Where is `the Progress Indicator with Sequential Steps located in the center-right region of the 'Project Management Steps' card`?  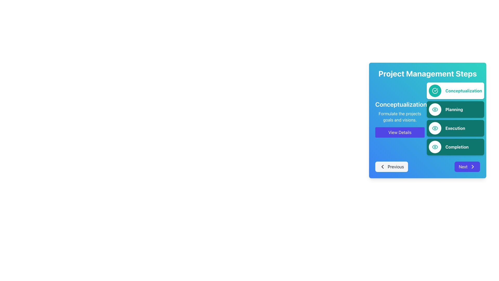
the Progress Indicator with Sequential Steps located in the center-right region of the 'Project Management Steps' card is located at coordinates (455, 119).